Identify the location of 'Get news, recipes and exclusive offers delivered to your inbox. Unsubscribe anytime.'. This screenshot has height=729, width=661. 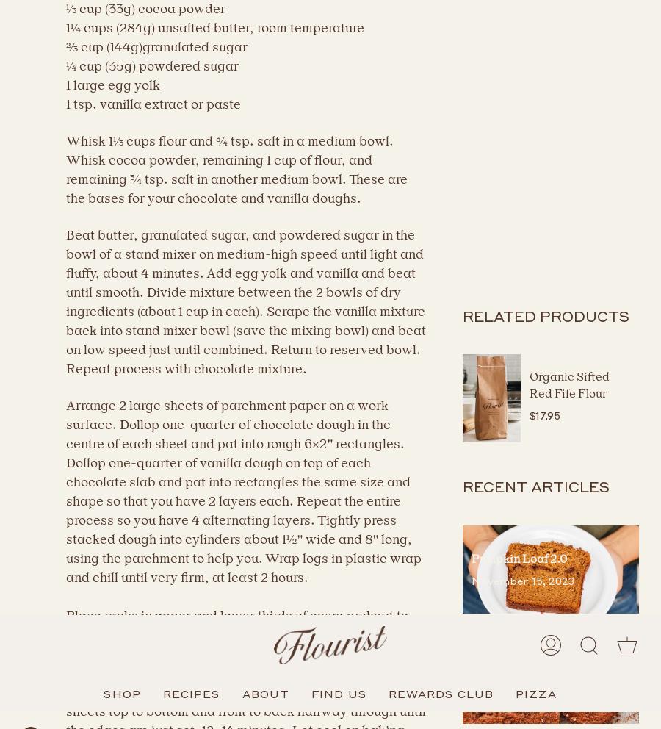
(251, 613).